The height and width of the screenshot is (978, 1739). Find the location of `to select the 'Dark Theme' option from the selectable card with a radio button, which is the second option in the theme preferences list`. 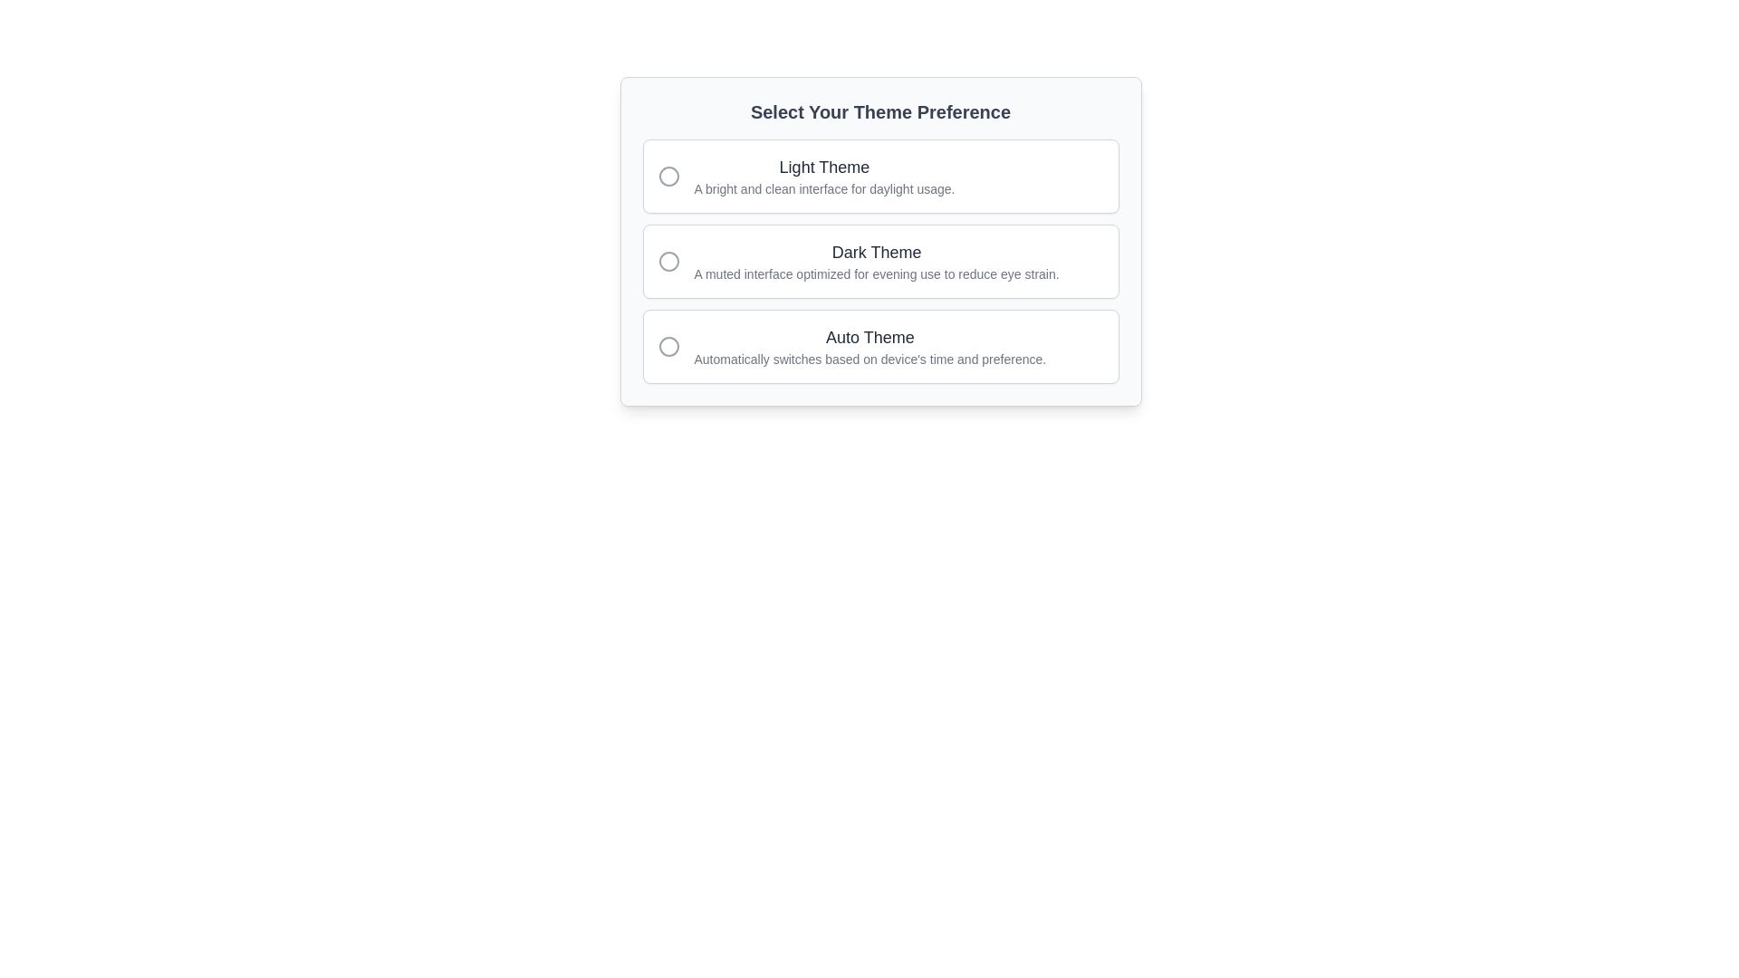

to select the 'Dark Theme' option from the selectable card with a radio button, which is the second option in the theme preferences list is located at coordinates (880, 262).